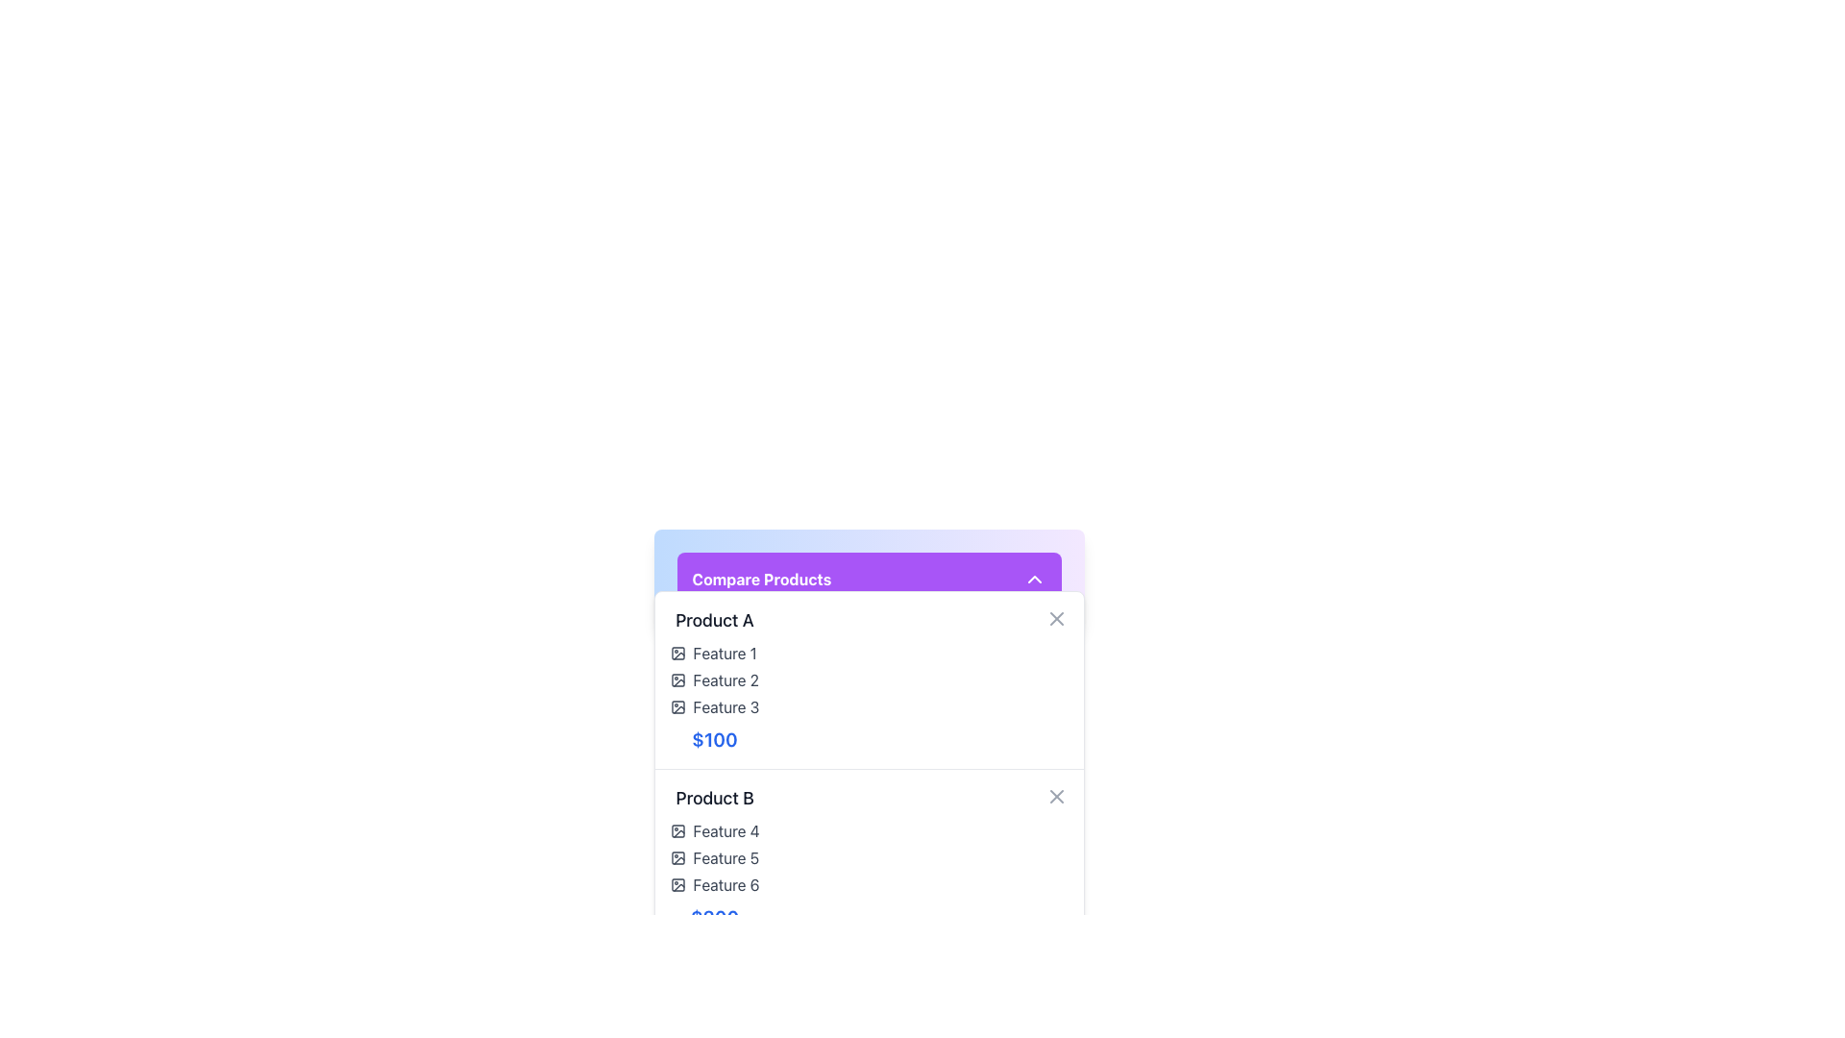 The width and height of the screenshot is (1845, 1038). Describe the element at coordinates (677, 857) in the screenshot. I see `the status-indicating icon for 'Feature 5' located in the 'Product B' section, which is the first item of the row starting with 'Feature 5'` at that location.